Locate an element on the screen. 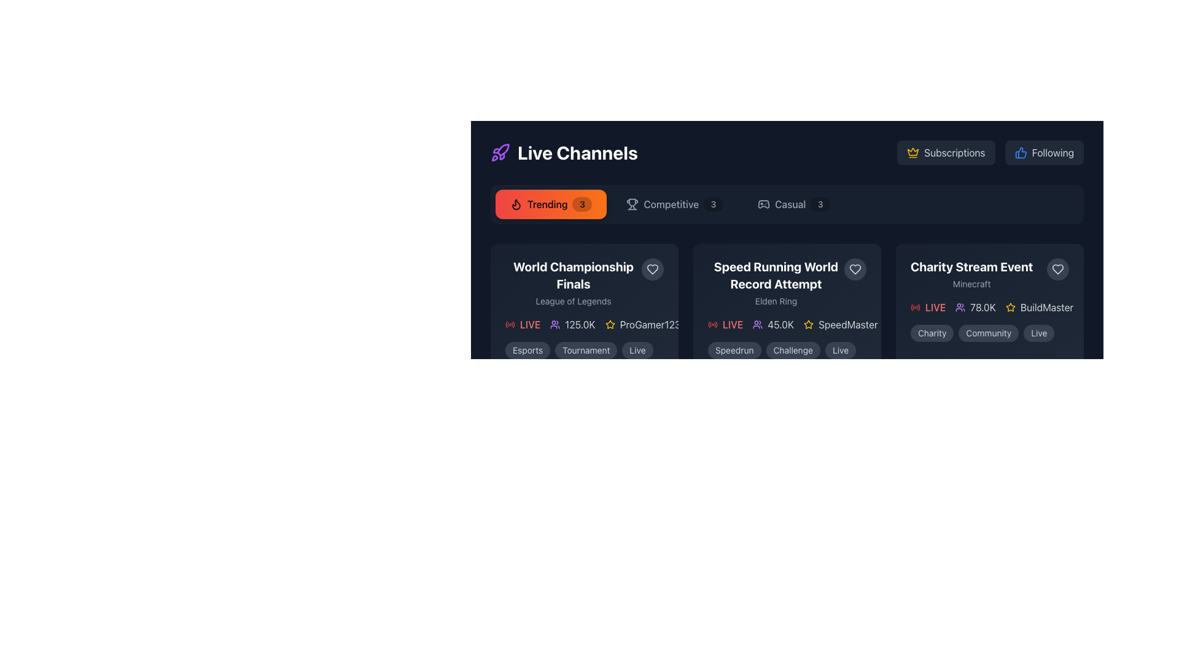  the Decorative text with the icon displaying 'ProGamer123' styled in light gray, which is located in the lower section of a card layout, adjacent to the viewer count of '125.0K' is located at coordinates (642, 324).